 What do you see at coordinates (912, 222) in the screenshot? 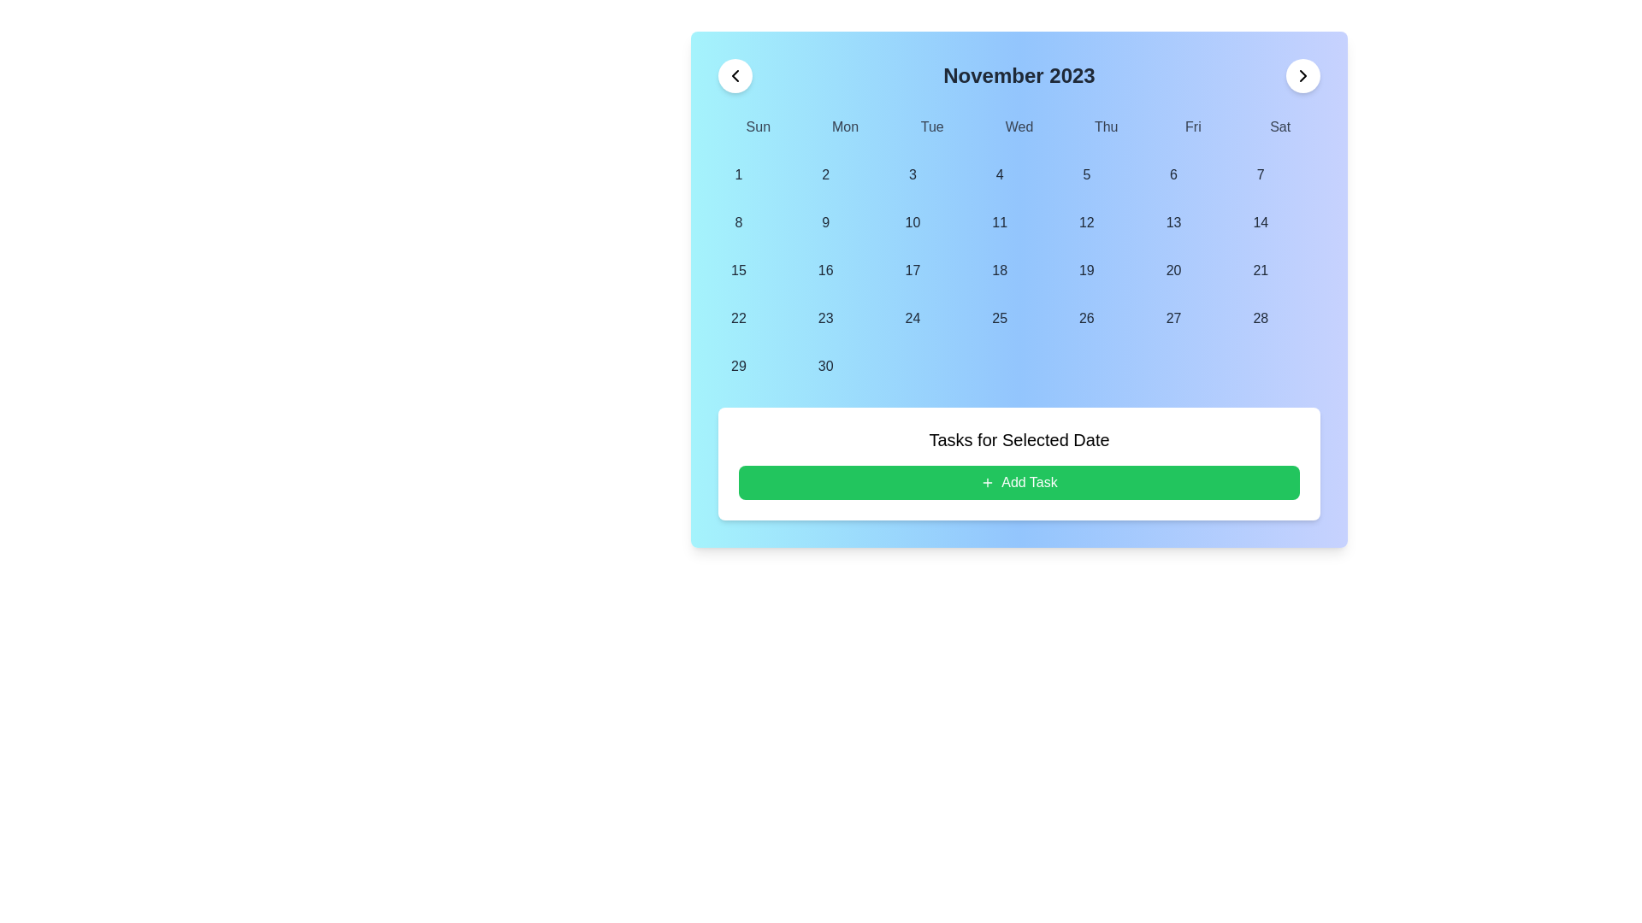
I see `the rounded square button displaying the number '10' with a light blue background` at bounding box center [912, 222].